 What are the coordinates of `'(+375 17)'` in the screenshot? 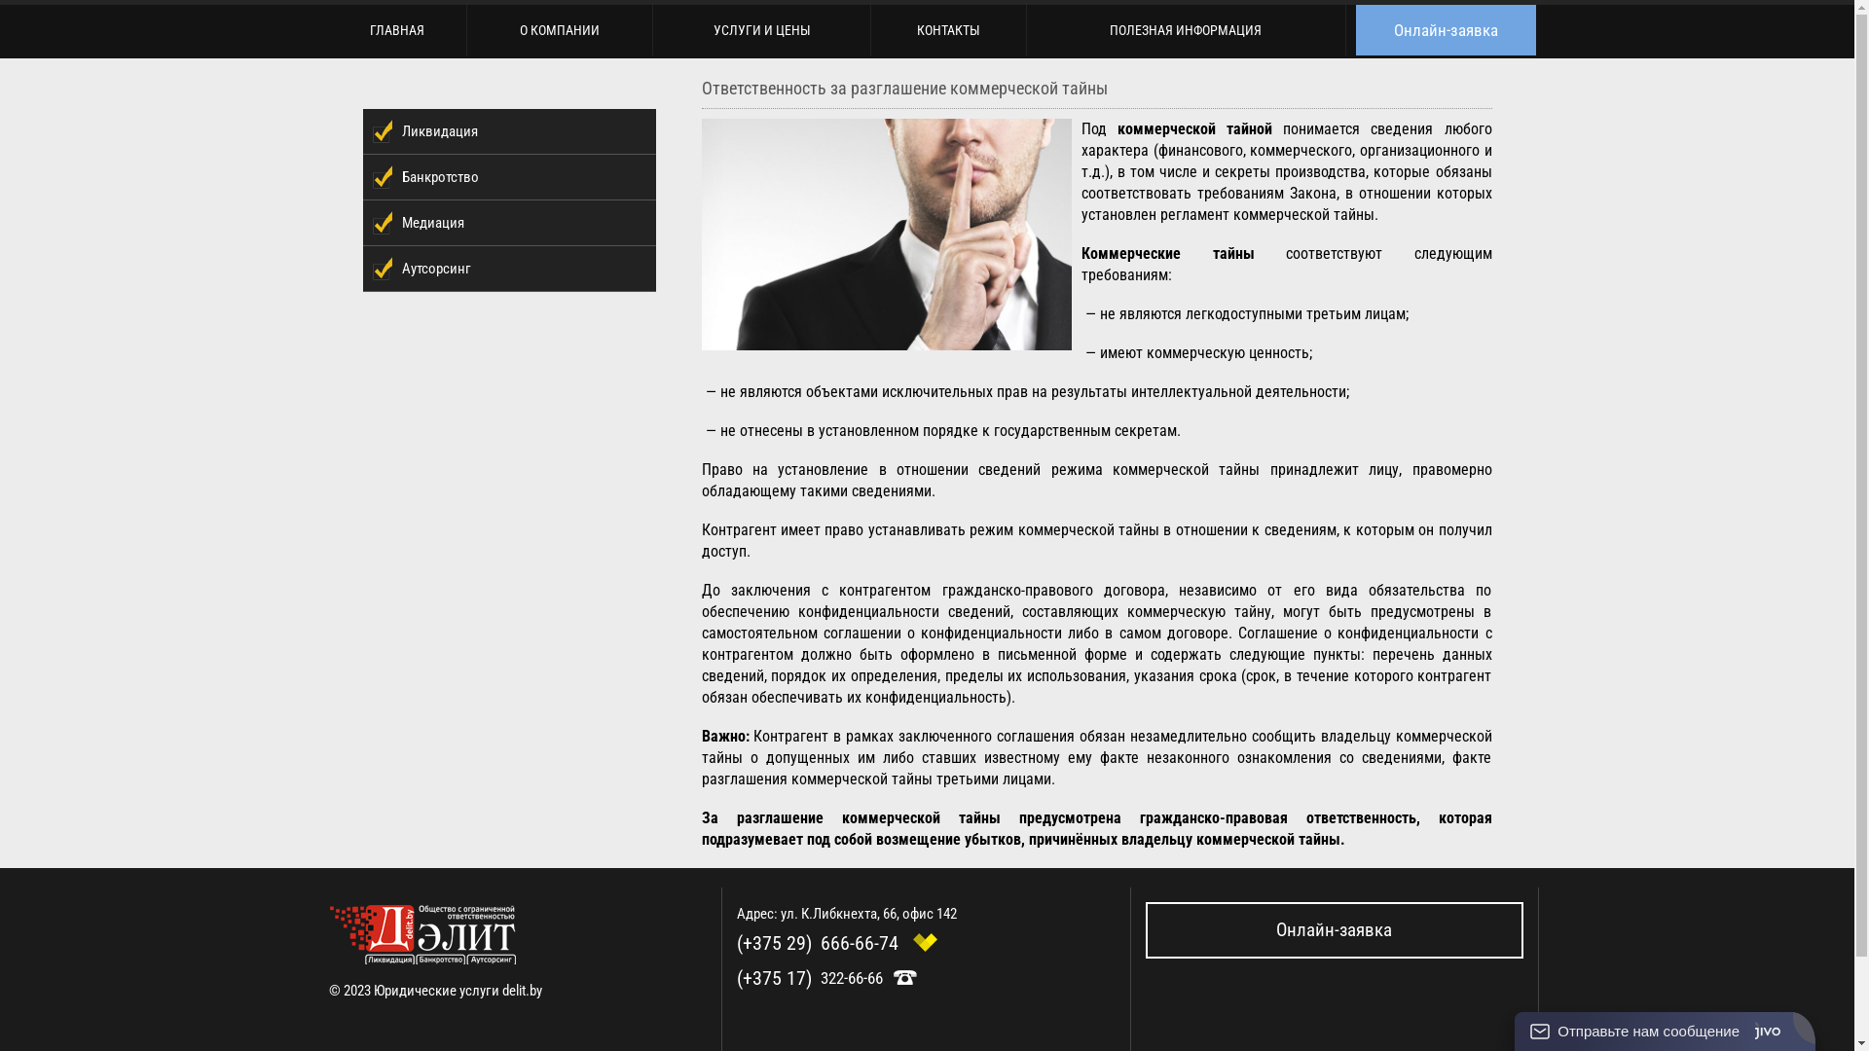 It's located at (736, 978).